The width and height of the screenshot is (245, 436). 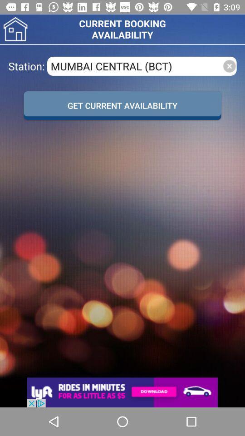 What do you see at coordinates (122, 392) in the screenshot?
I see `details about advertisement` at bounding box center [122, 392].